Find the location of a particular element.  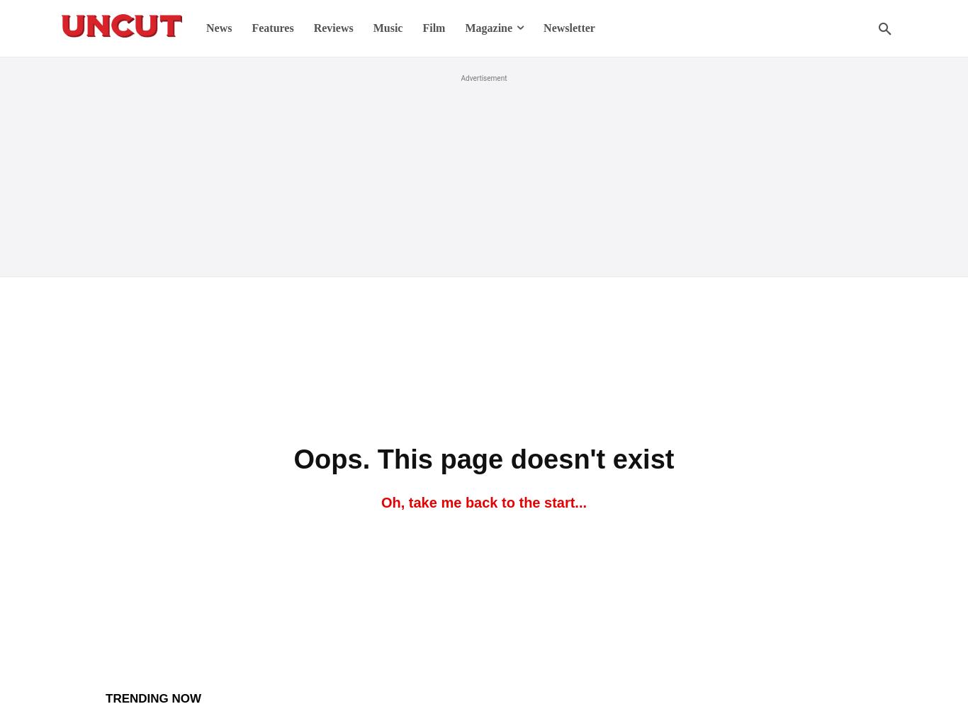

'Music' is located at coordinates (387, 28).